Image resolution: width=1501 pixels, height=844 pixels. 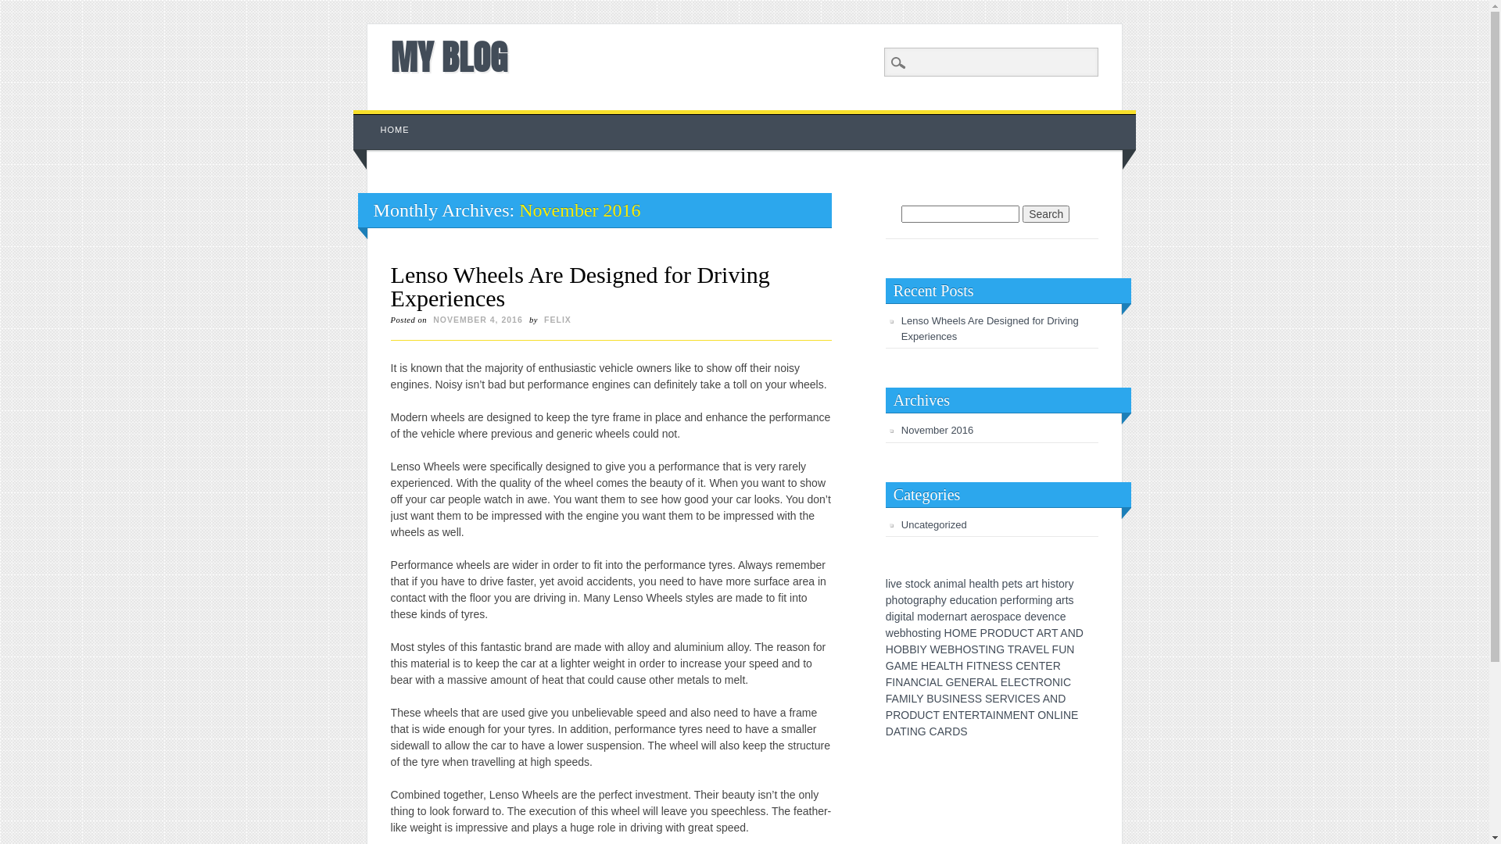 I want to click on 'A', so click(x=1040, y=633).